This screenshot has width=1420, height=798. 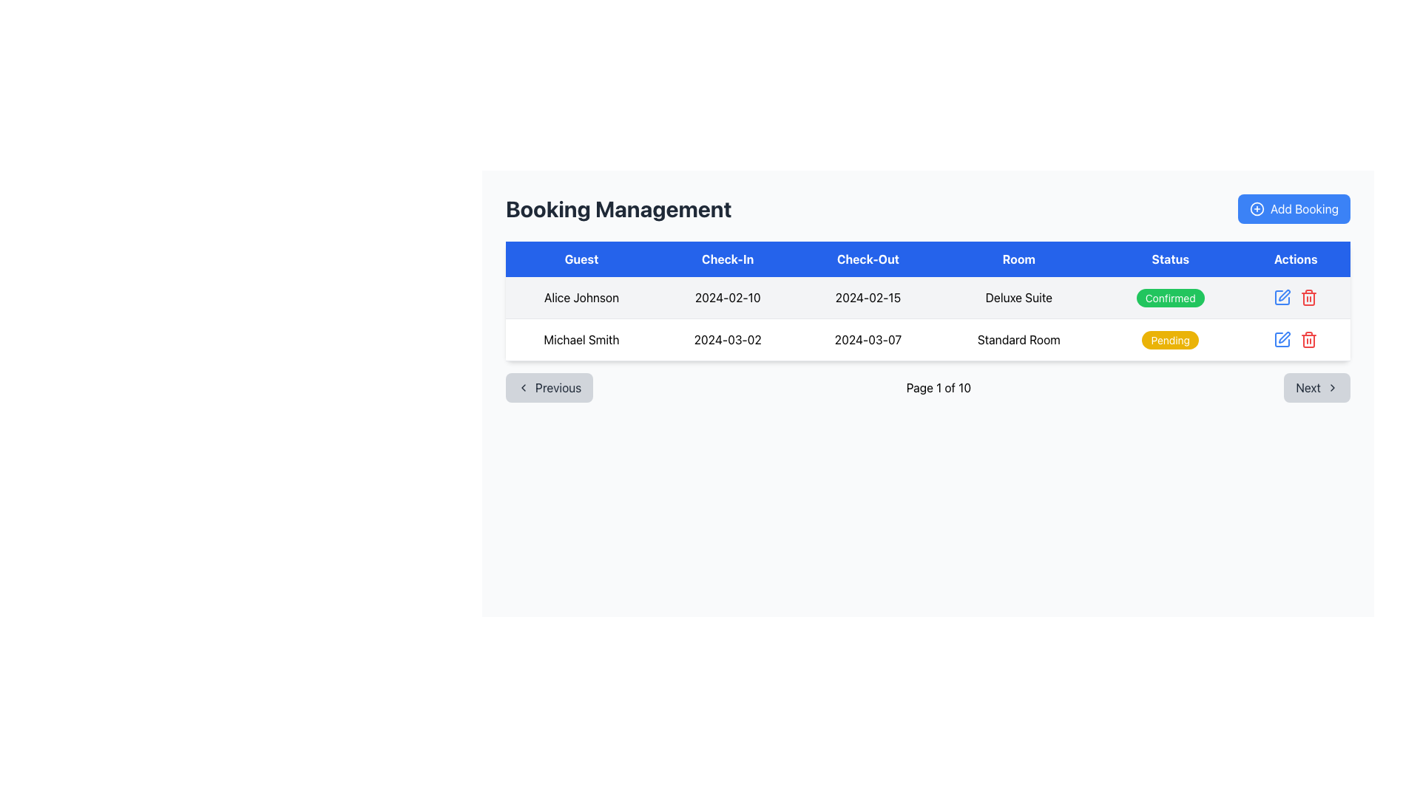 I want to click on the 'Previous' button, which is a rectangular button with a gray background and rounded corners, containing the text 'Previous' and a left-pointing chevron icon, so click(x=549, y=386).